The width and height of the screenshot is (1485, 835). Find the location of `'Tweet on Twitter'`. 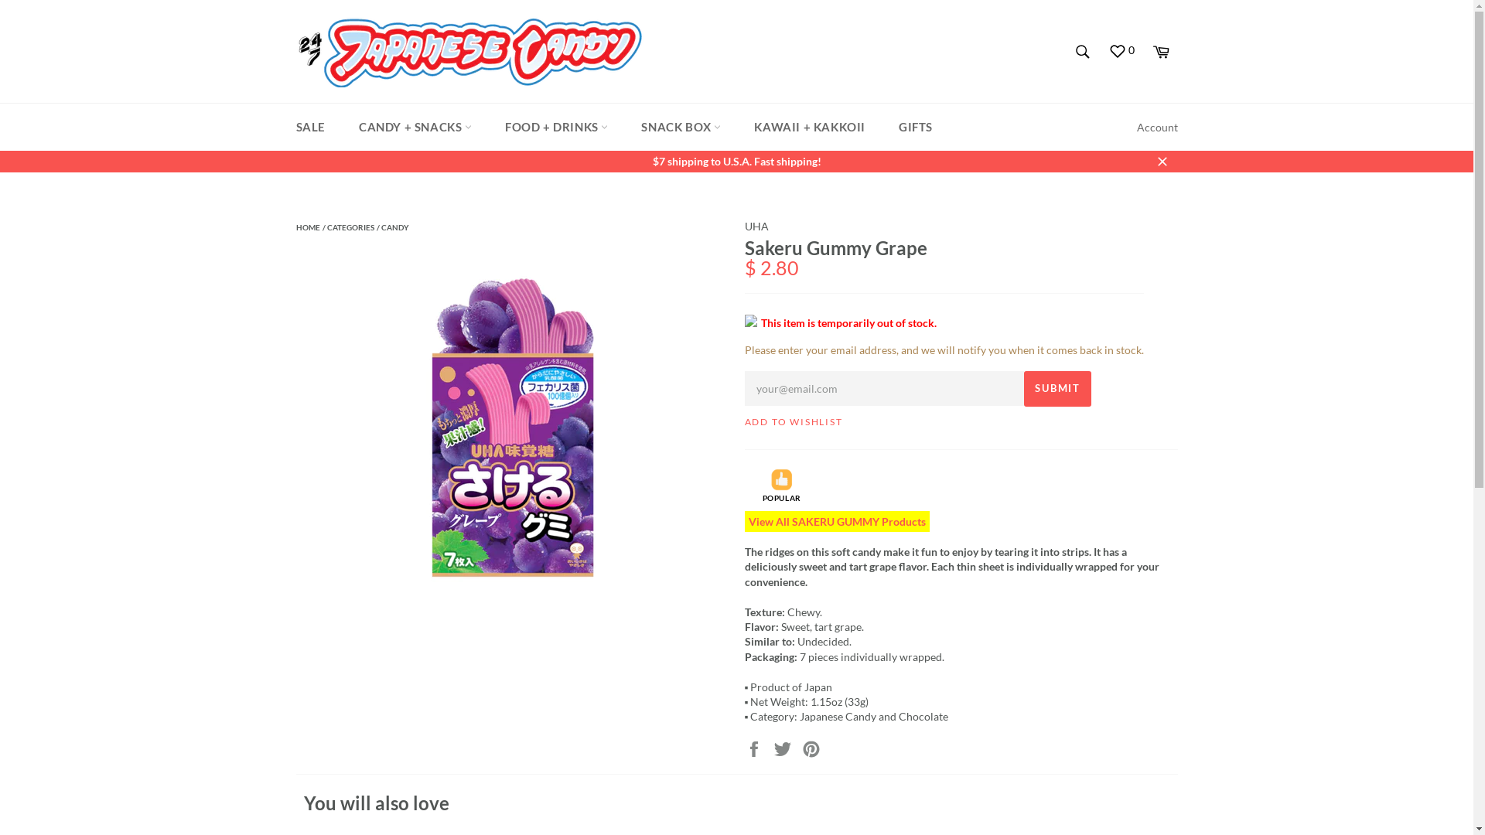

'Tweet on Twitter' is located at coordinates (783, 746).